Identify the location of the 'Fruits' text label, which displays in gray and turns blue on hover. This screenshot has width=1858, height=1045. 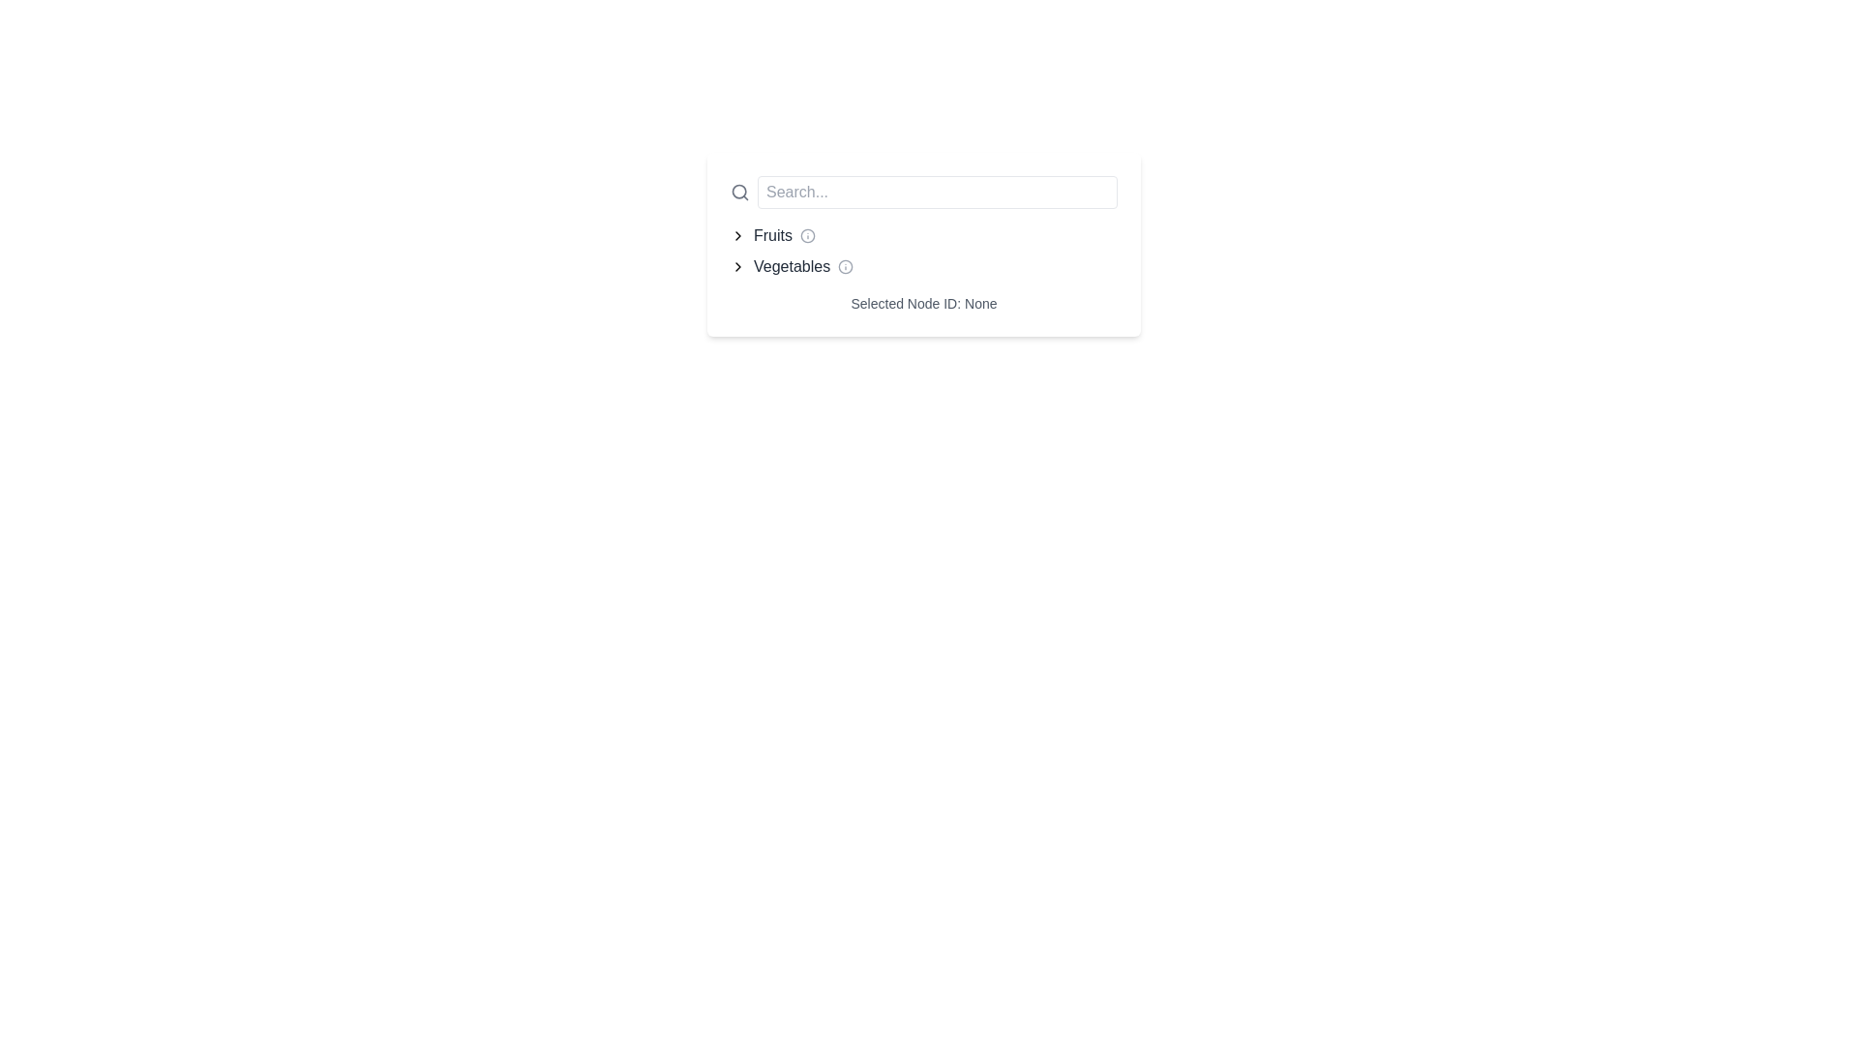
(771, 234).